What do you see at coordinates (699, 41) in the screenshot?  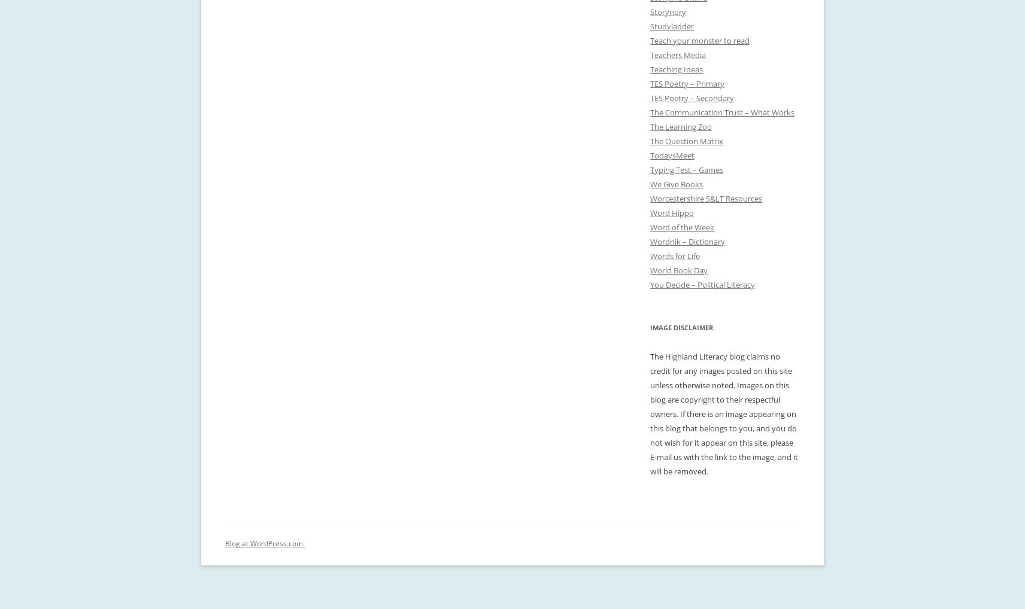 I see `'Teach your monster to read'` at bounding box center [699, 41].